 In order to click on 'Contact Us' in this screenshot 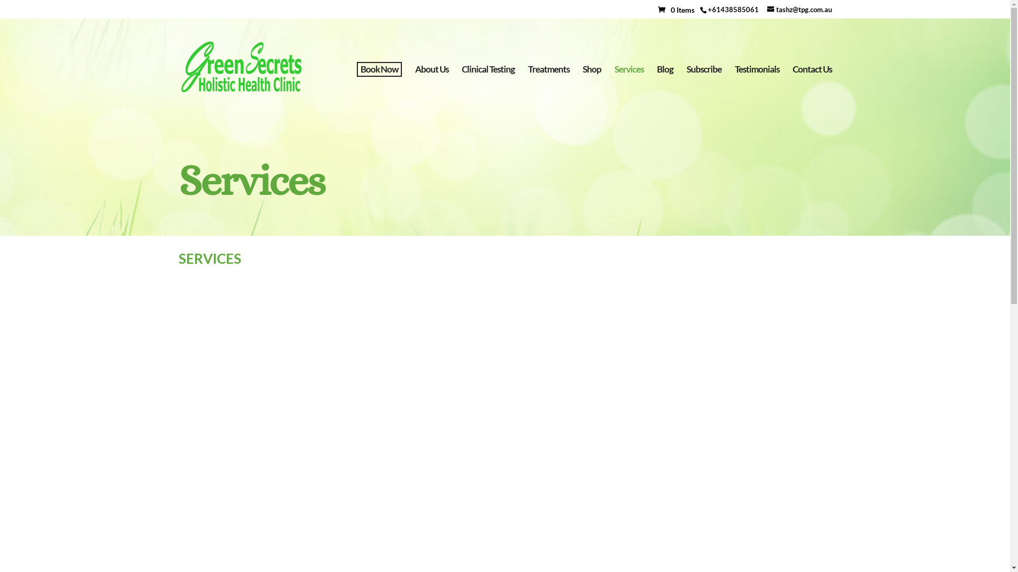, I will do `click(811, 91)`.